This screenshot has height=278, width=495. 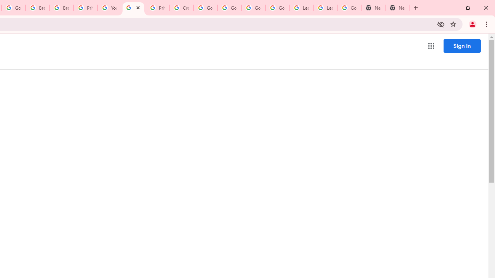 What do you see at coordinates (109, 8) in the screenshot?
I see `'YouTube'` at bounding box center [109, 8].